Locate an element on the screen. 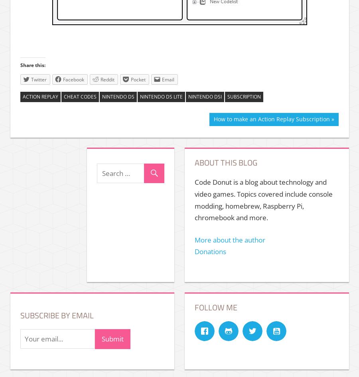 The width and height of the screenshot is (359, 377). 'cheat codes' is located at coordinates (80, 96).